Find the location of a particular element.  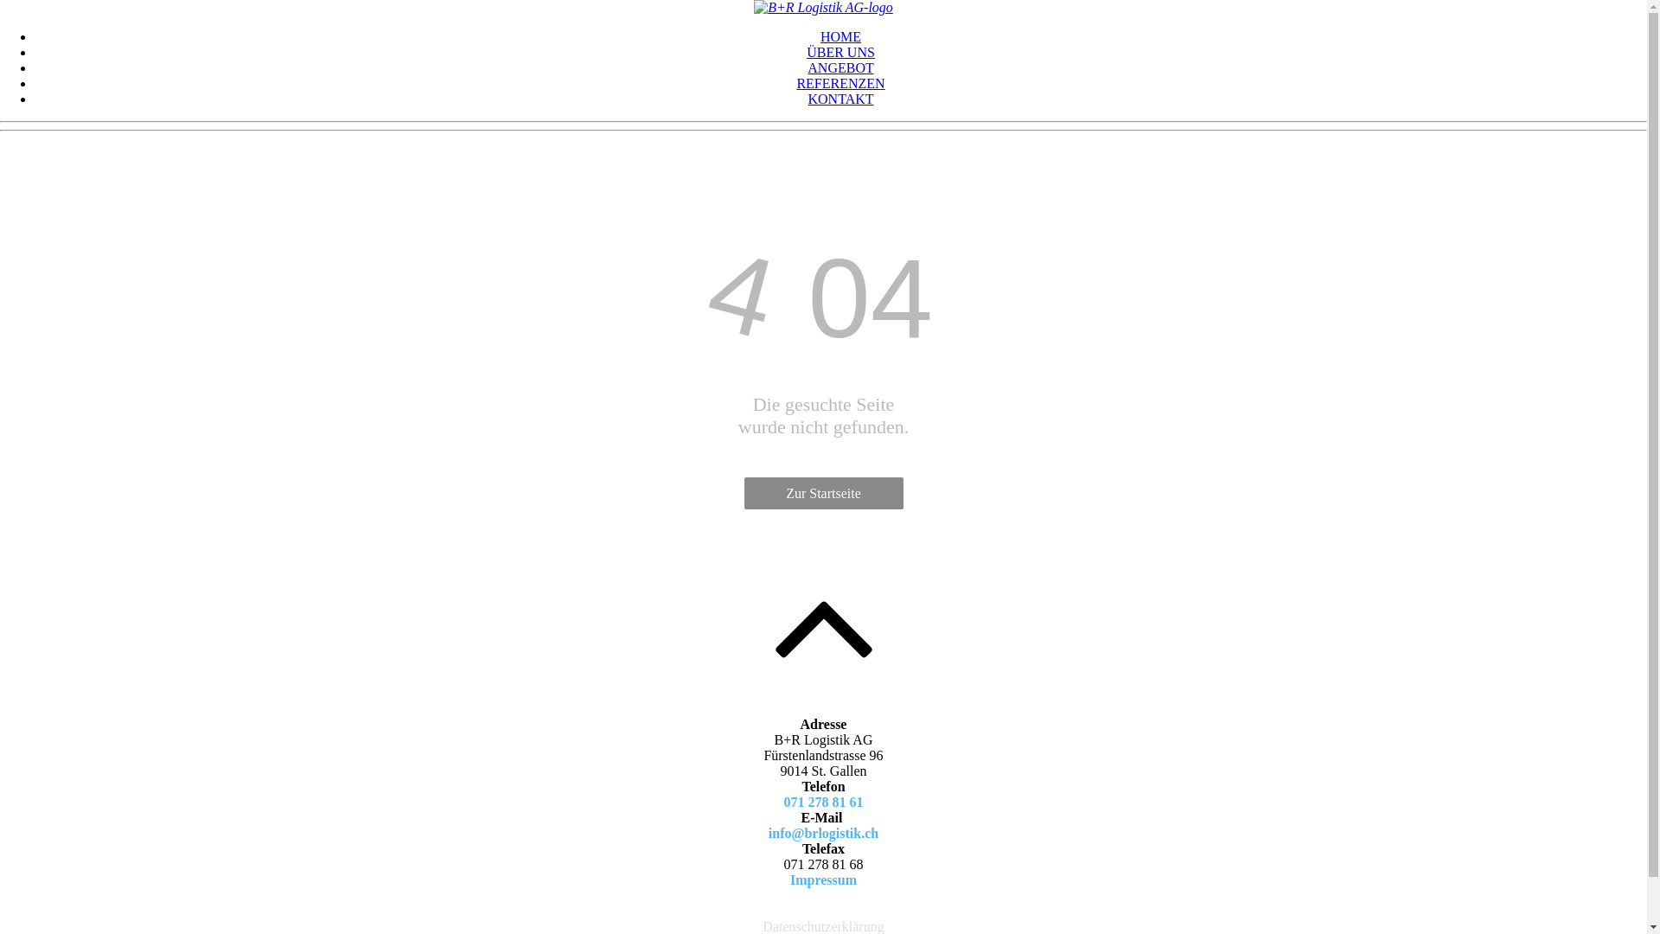

'KONTAKT' is located at coordinates (840, 99).